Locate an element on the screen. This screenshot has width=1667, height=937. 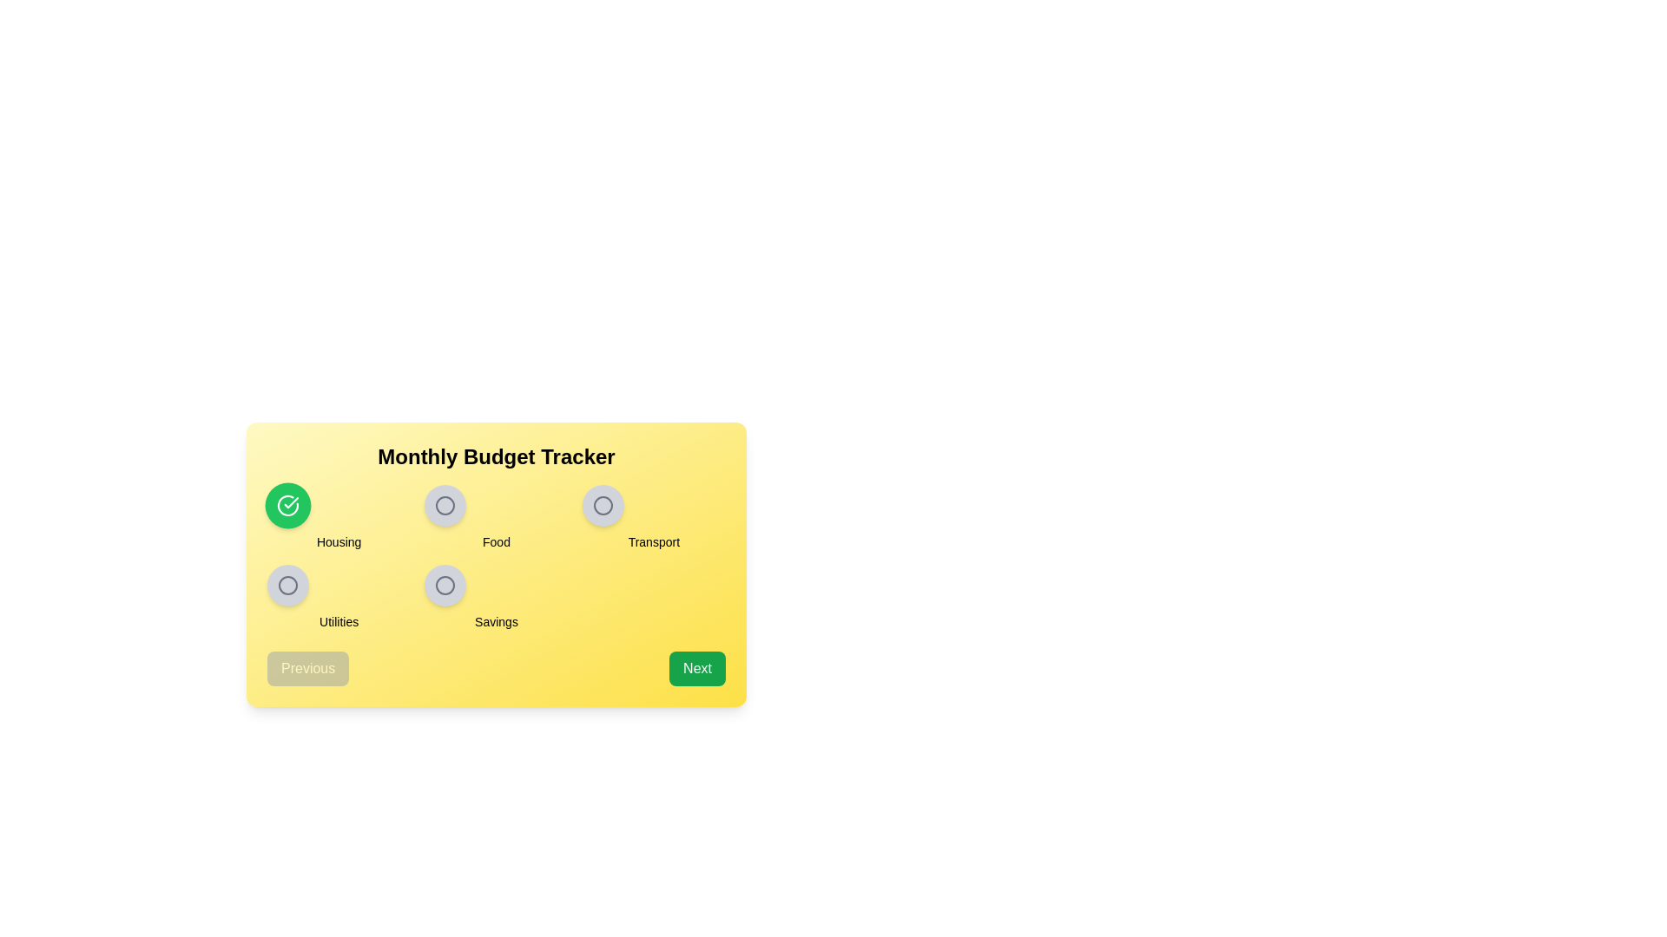
the radio button for the 'Transport' category is located at coordinates (603, 505).